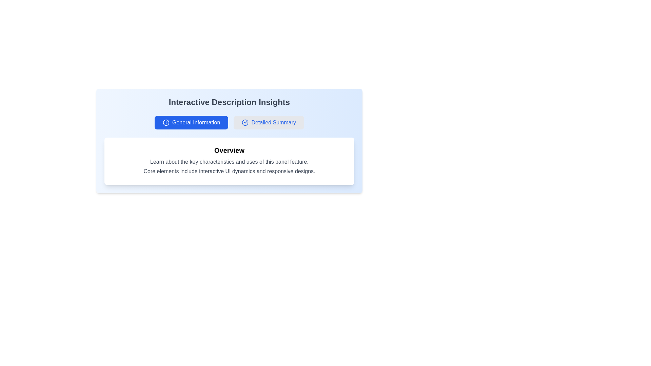 This screenshot has height=366, width=651. Describe the element at coordinates (166, 123) in the screenshot. I see `the 'i' icon within the General Information button, which is circular with a white 'i' symbol on a blue background` at that location.